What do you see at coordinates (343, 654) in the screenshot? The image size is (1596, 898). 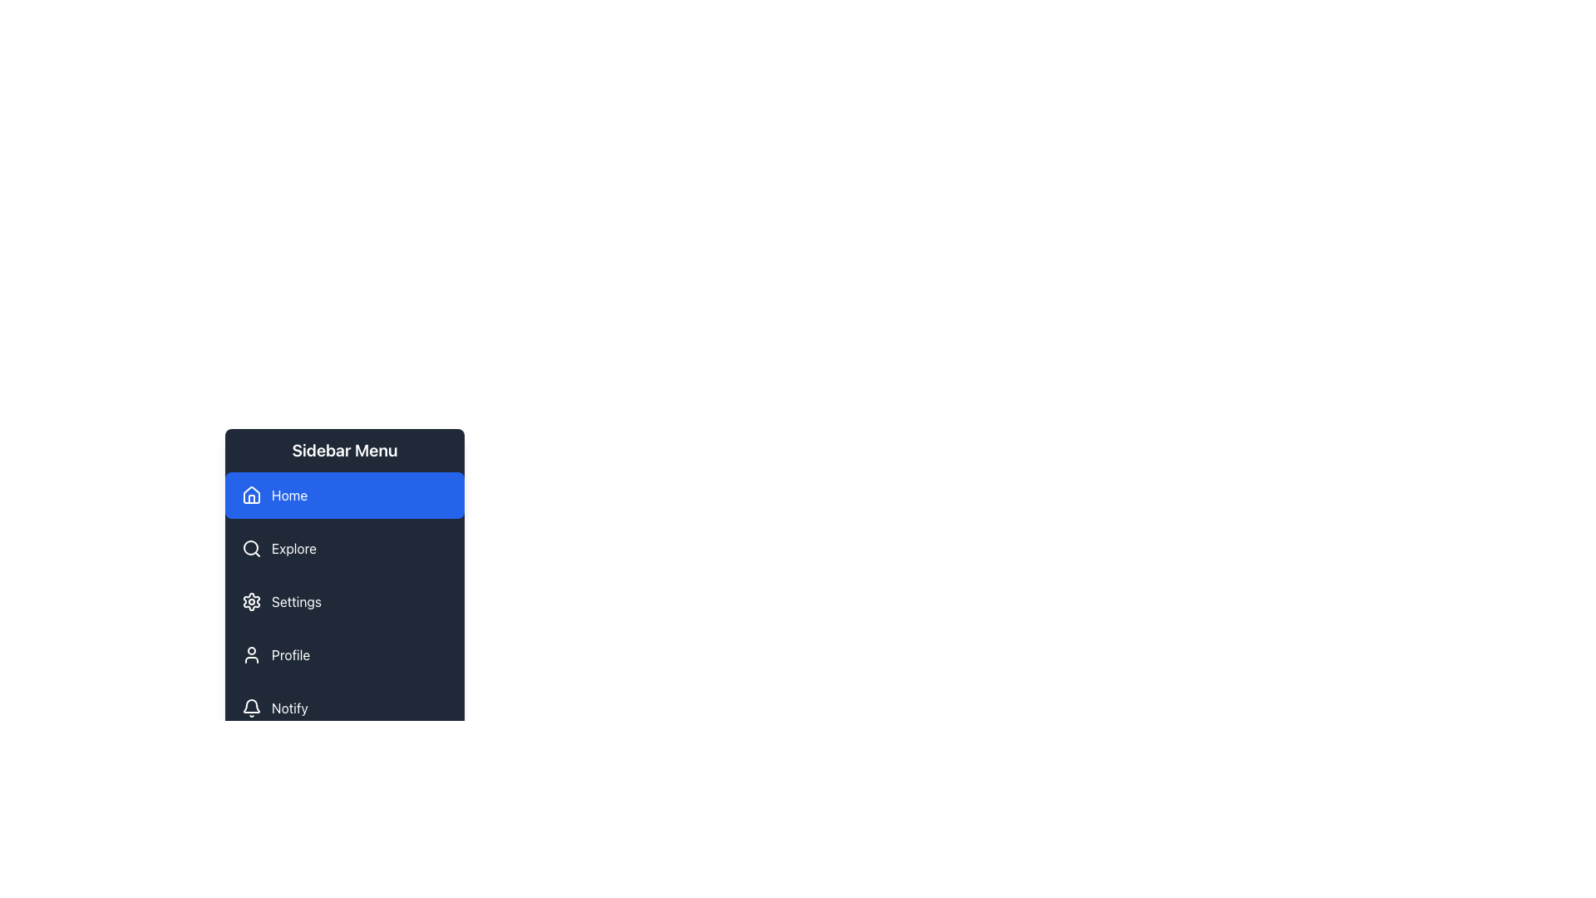 I see `the navigation menu button that leads to the user's profile or account details, located as the fourth item in the vertical sidebar menu, positioned below 'Settings' and above 'Notify'` at bounding box center [343, 654].